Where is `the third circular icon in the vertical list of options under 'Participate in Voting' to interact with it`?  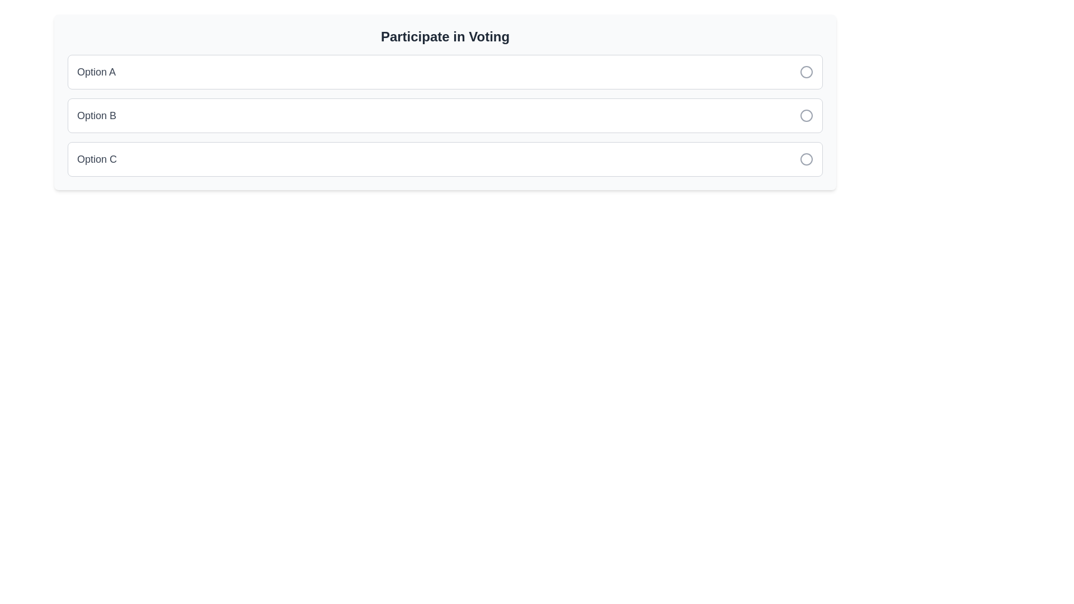 the third circular icon in the vertical list of options under 'Participate in Voting' to interact with it is located at coordinates (806, 159).